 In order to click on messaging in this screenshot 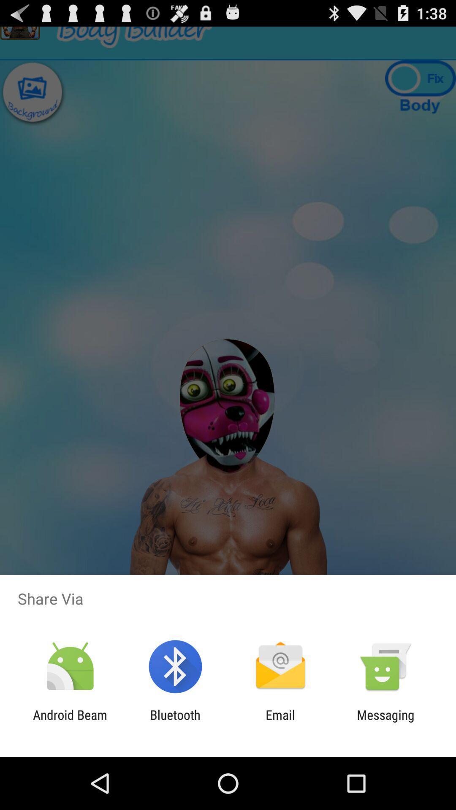, I will do `click(385, 722)`.